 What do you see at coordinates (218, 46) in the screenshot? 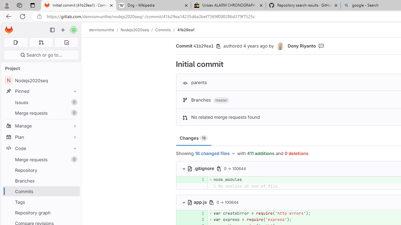
I see `'Copy commit SHA'` at bounding box center [218, 46].